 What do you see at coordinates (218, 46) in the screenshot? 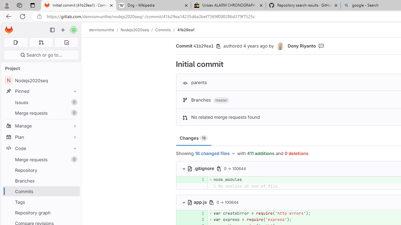
I see `'Copy commit SHA'` at bounding box center [218, 46].